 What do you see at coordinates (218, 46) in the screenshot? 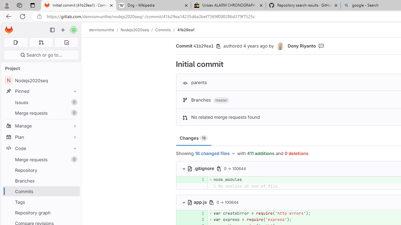
I see `'Copy commit SHA'` at bounding box center [218, 46].